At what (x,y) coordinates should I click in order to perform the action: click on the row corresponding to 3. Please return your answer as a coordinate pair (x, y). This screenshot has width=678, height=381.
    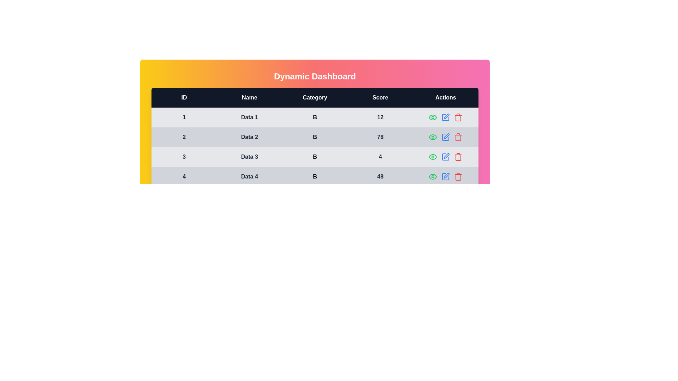
    Looking at the image, I should click on (458, 156).